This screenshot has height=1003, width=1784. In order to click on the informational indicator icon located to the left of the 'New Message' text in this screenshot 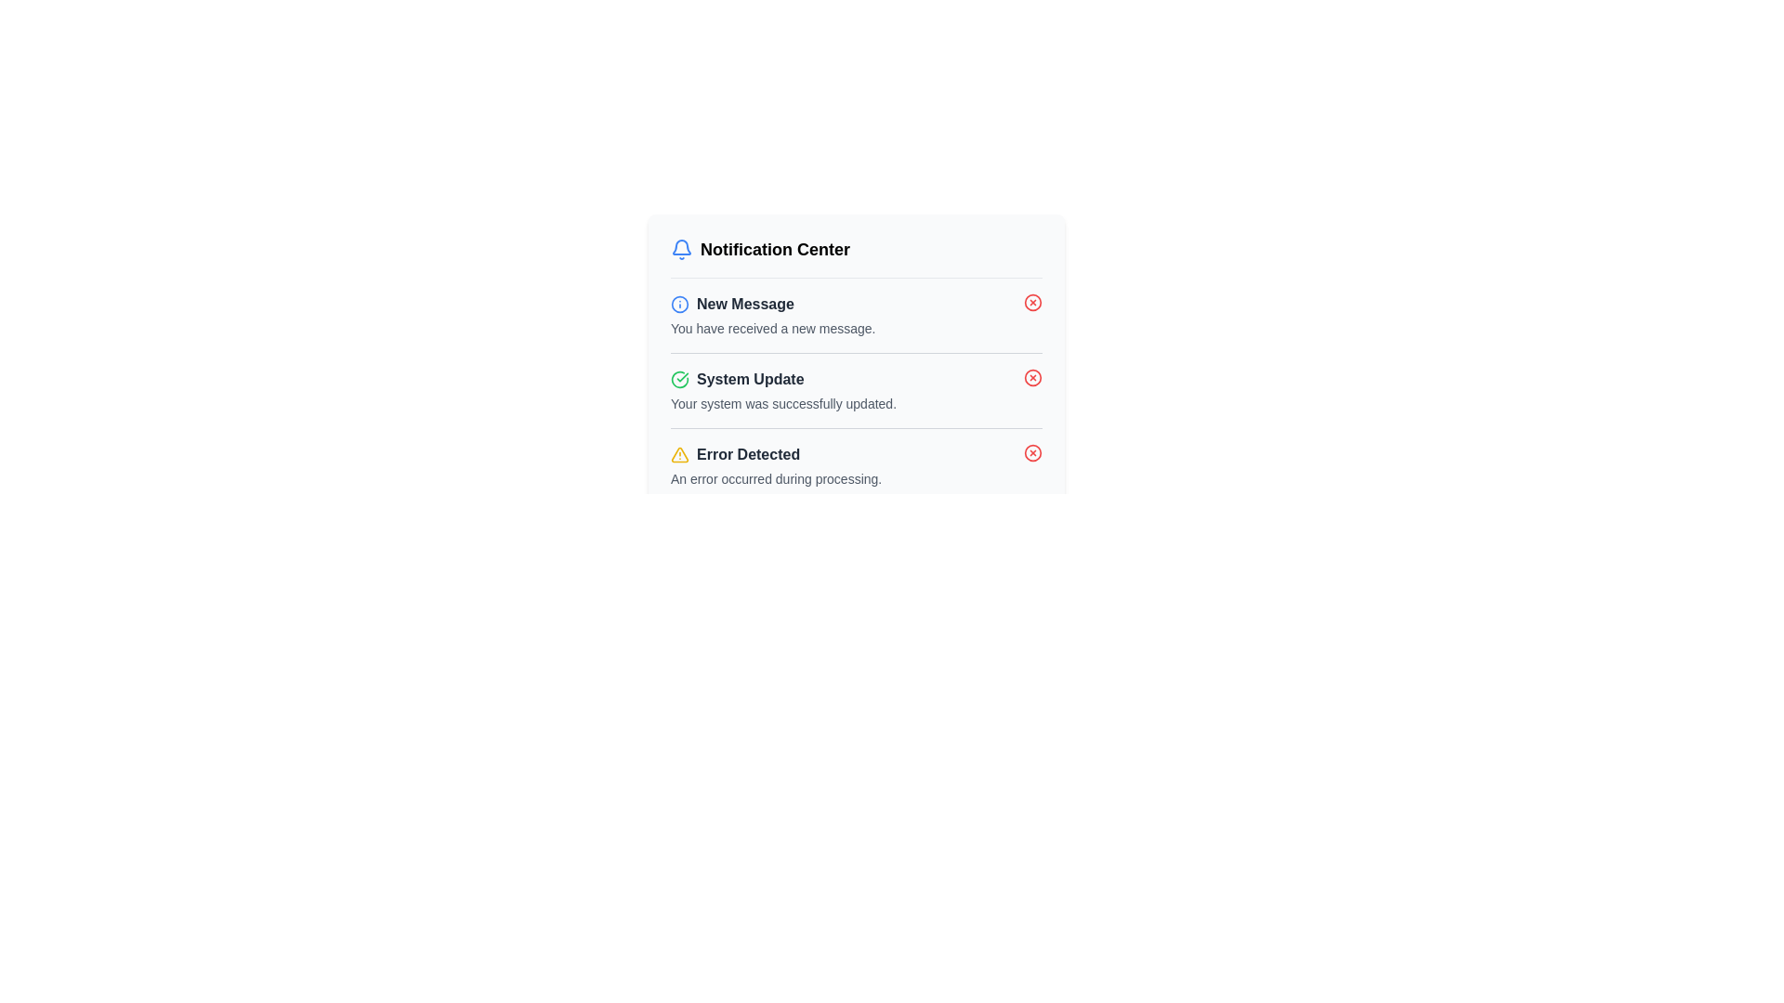, I will do `click(678, 303)`.